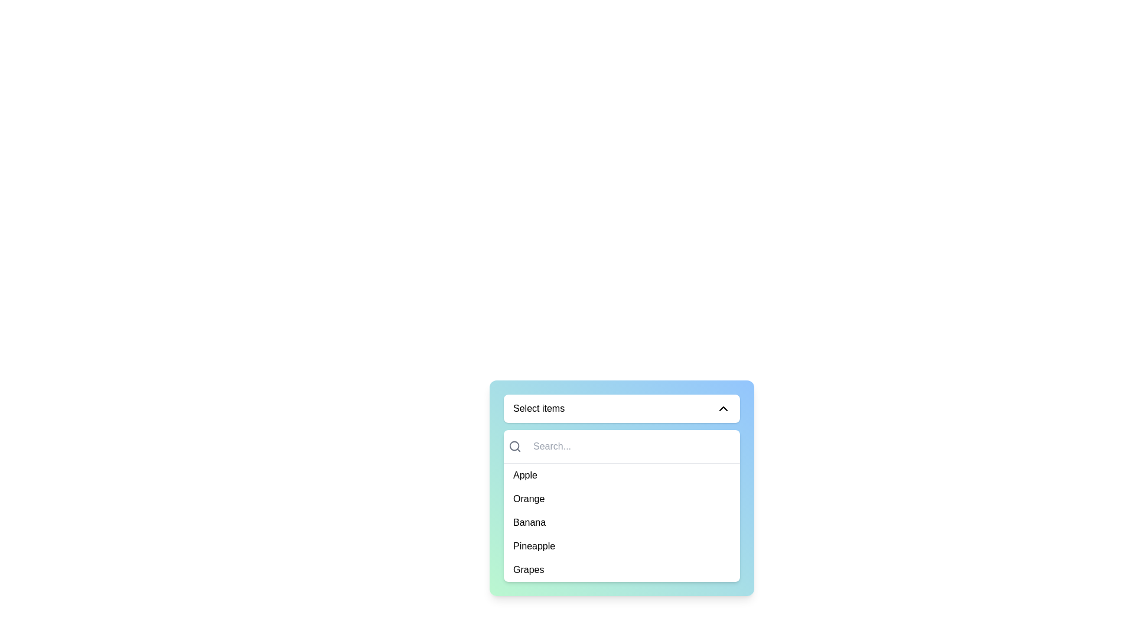 This screenshot has width=1134, height=638. What do you see at coordinates (529, 522) in the screenshot?
I see `the text label displaying 'Banana'` at bounding box center [529, 522].